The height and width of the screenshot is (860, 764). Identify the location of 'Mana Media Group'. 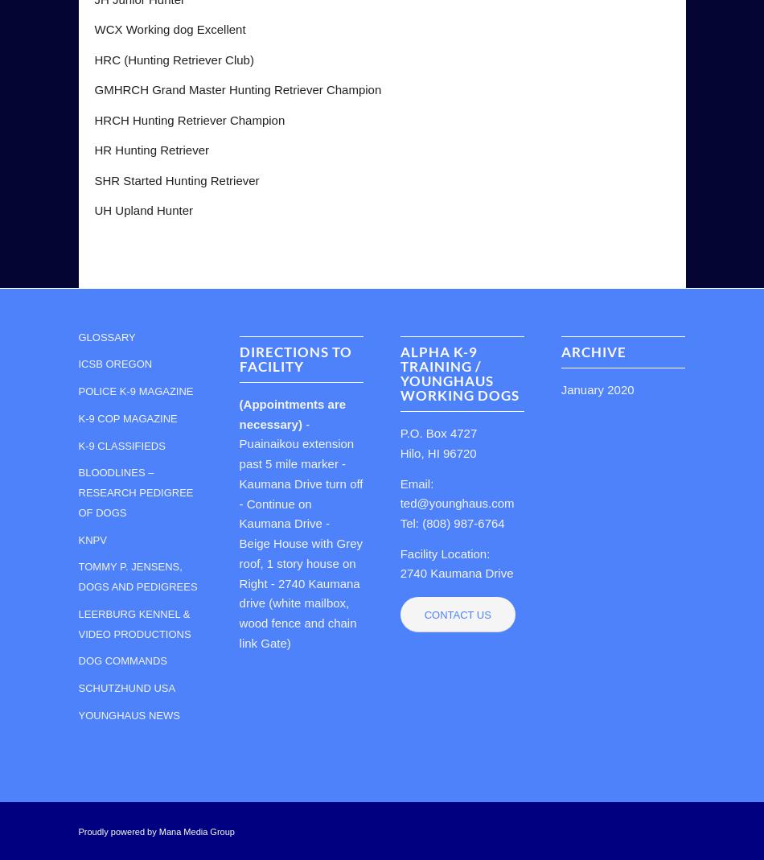
(158, 832).